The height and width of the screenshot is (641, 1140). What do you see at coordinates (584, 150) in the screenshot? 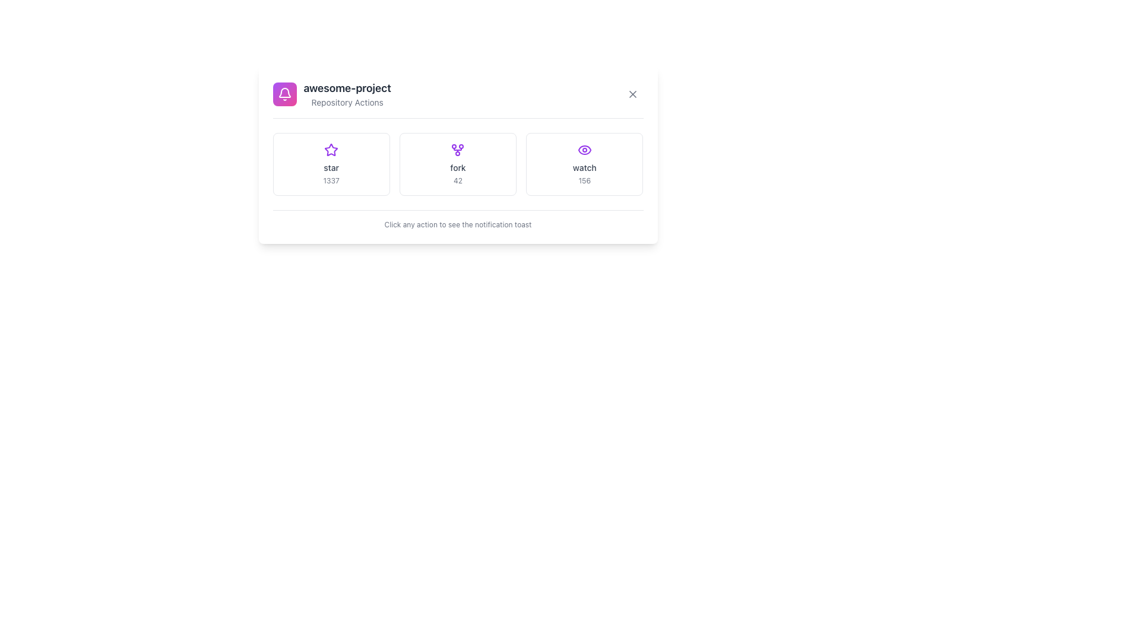
I see `the eye-shaped icon with a purple hue located in the watch-related section, positioned above the 'watch' label and next to the numeric counter '156'` at bounding box center [584, 150].